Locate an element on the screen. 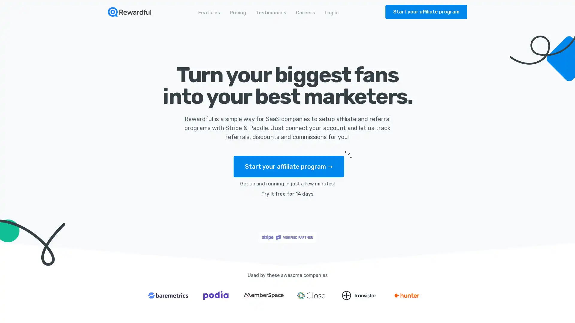 This screenshot has width=575, height=323. Open Intercom Messenger is located at coordinates (560, 308).